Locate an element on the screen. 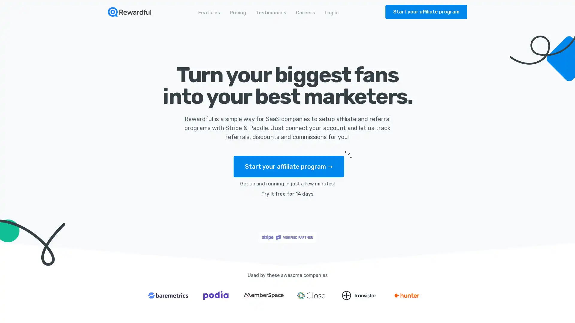 This screenshot has width=575, height=323. Open Intercom Messenger is located at coordinates (560, 308).